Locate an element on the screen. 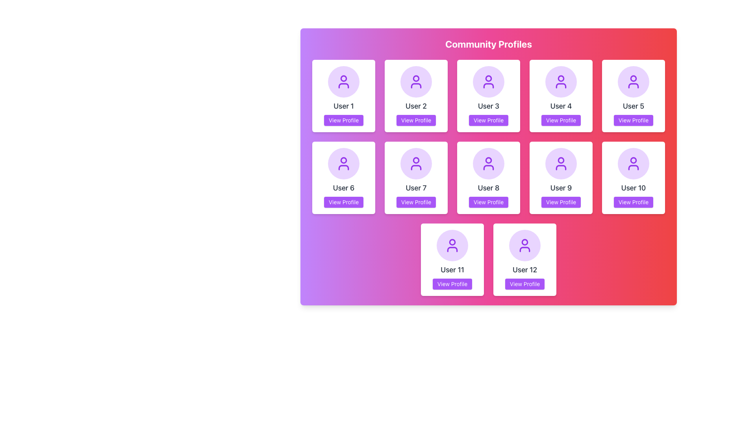 The image size is (756, 425). the circular avatar placeholder for the user profile labeled 'User 8', located in the center of the user profile card is located at coordinates (488, 163).